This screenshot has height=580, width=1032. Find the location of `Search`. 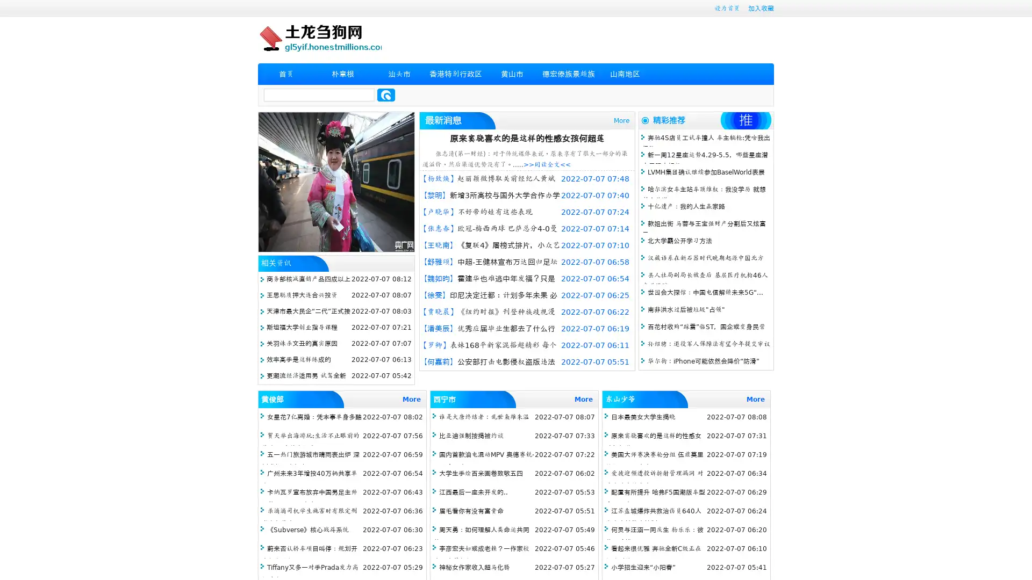

Search is located at coordinates (386, 95).